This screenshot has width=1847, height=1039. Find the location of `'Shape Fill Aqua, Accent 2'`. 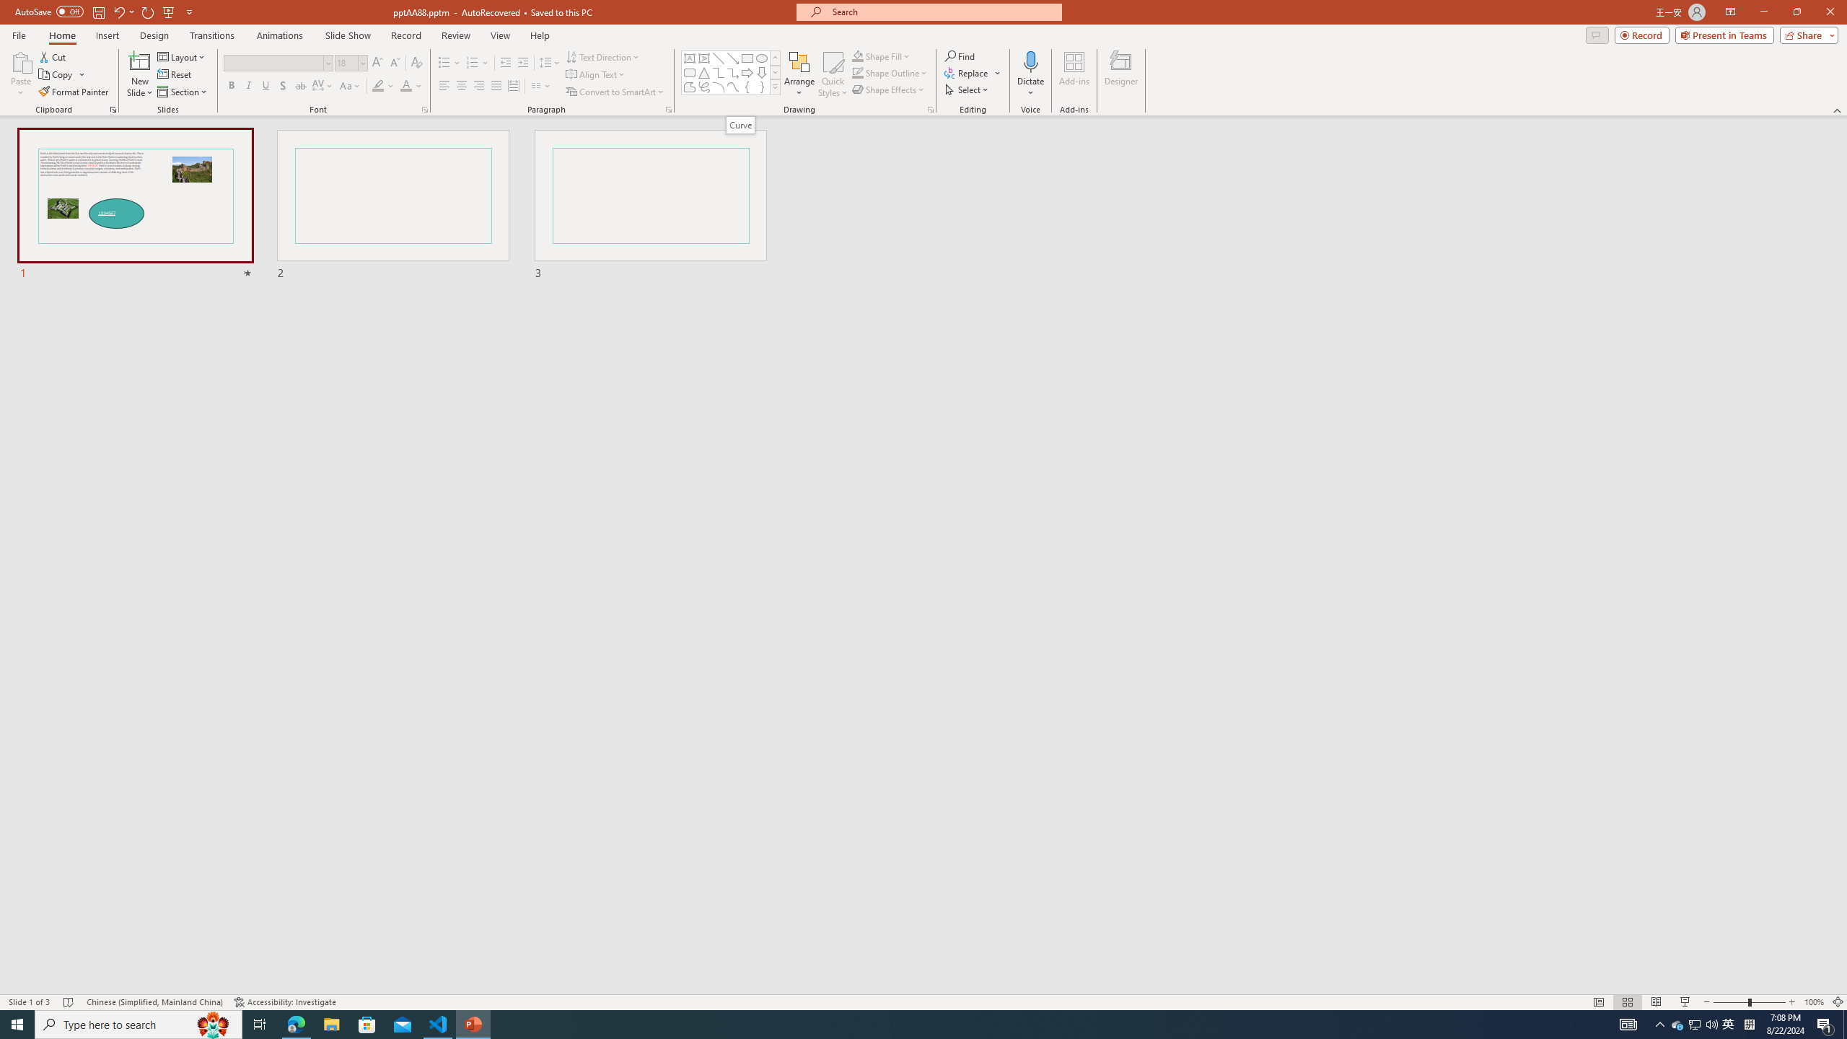

'Shape Fill Aqua, Accent 2' is located at coordinates (858, 56).